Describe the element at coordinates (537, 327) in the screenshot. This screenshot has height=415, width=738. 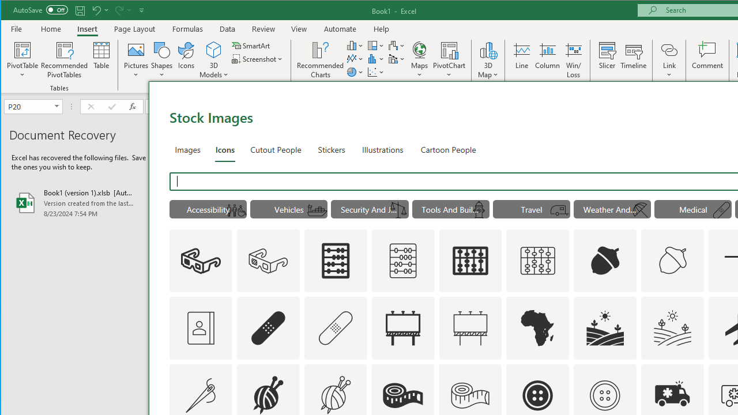
I see `'AutomationID: Icons_Africa'` at that location.